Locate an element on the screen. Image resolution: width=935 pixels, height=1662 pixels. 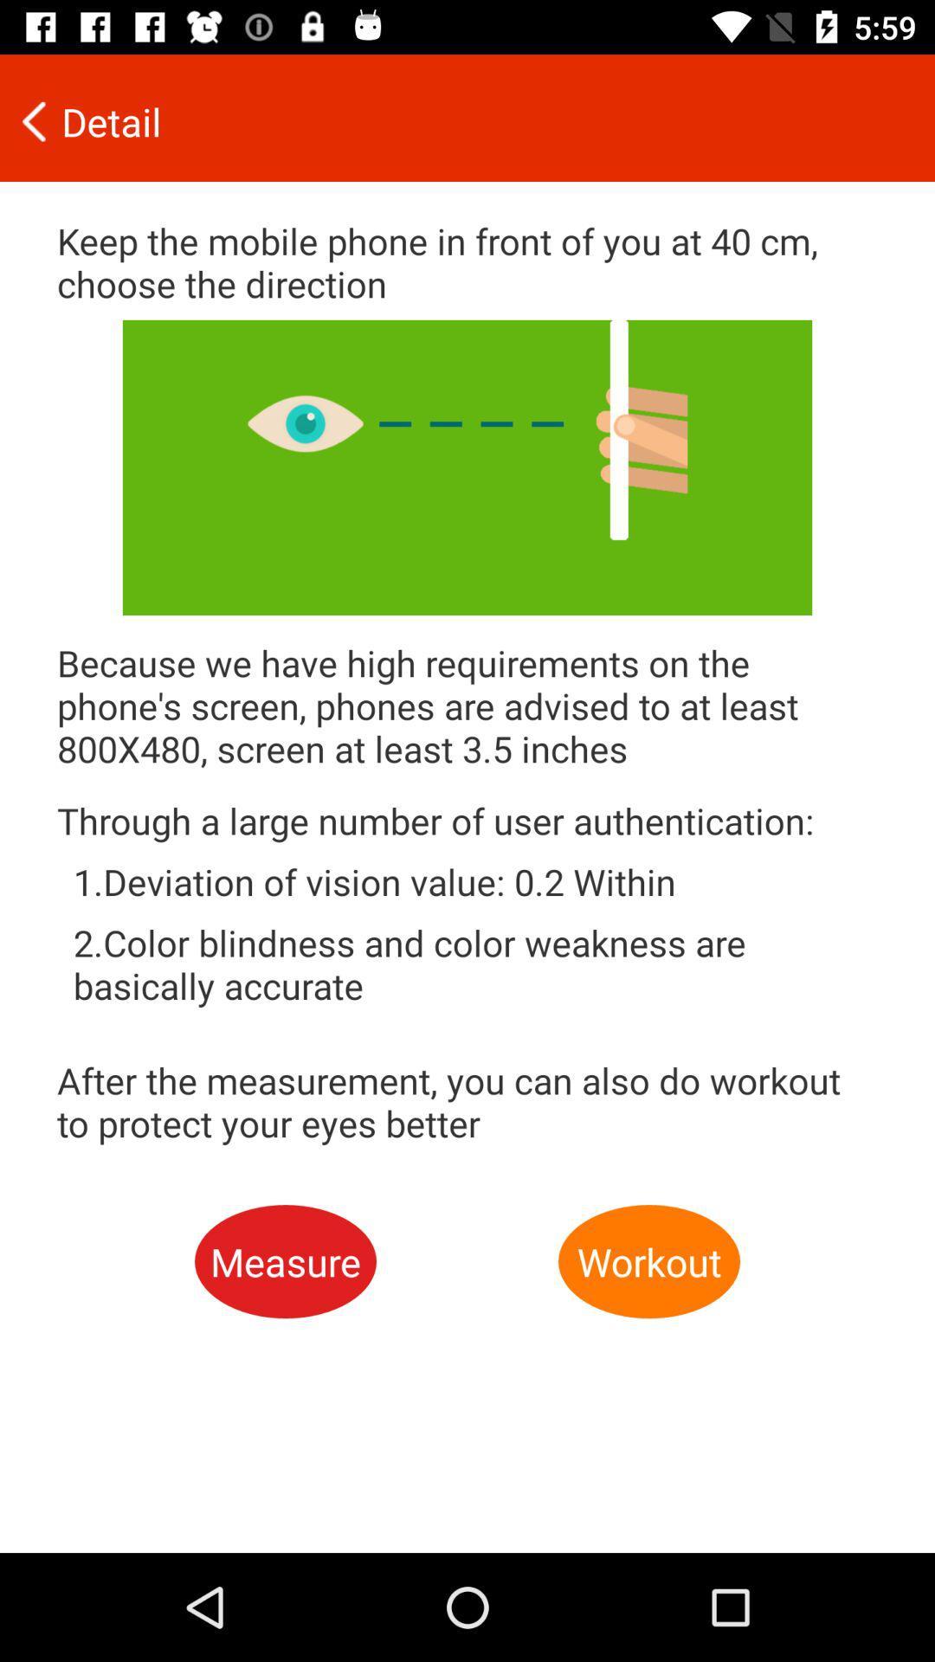
the item below after the measurement is located at coordinates (285, 1261).